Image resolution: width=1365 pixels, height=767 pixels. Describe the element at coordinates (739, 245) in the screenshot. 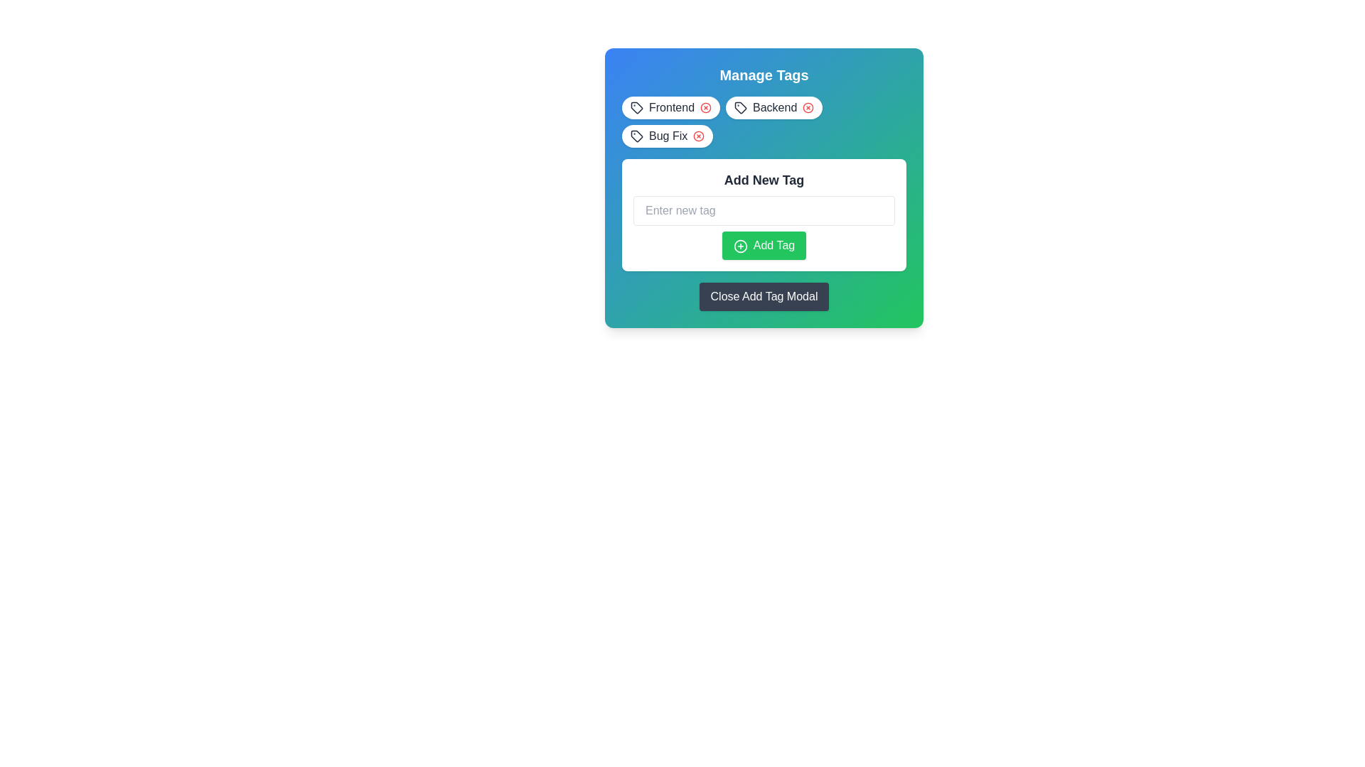

I see `the circular icon with a green fill and plus symbol located to the left of the 'Add Tag' text in the green button of the 'Add New Tag' section in the modal` at that location.